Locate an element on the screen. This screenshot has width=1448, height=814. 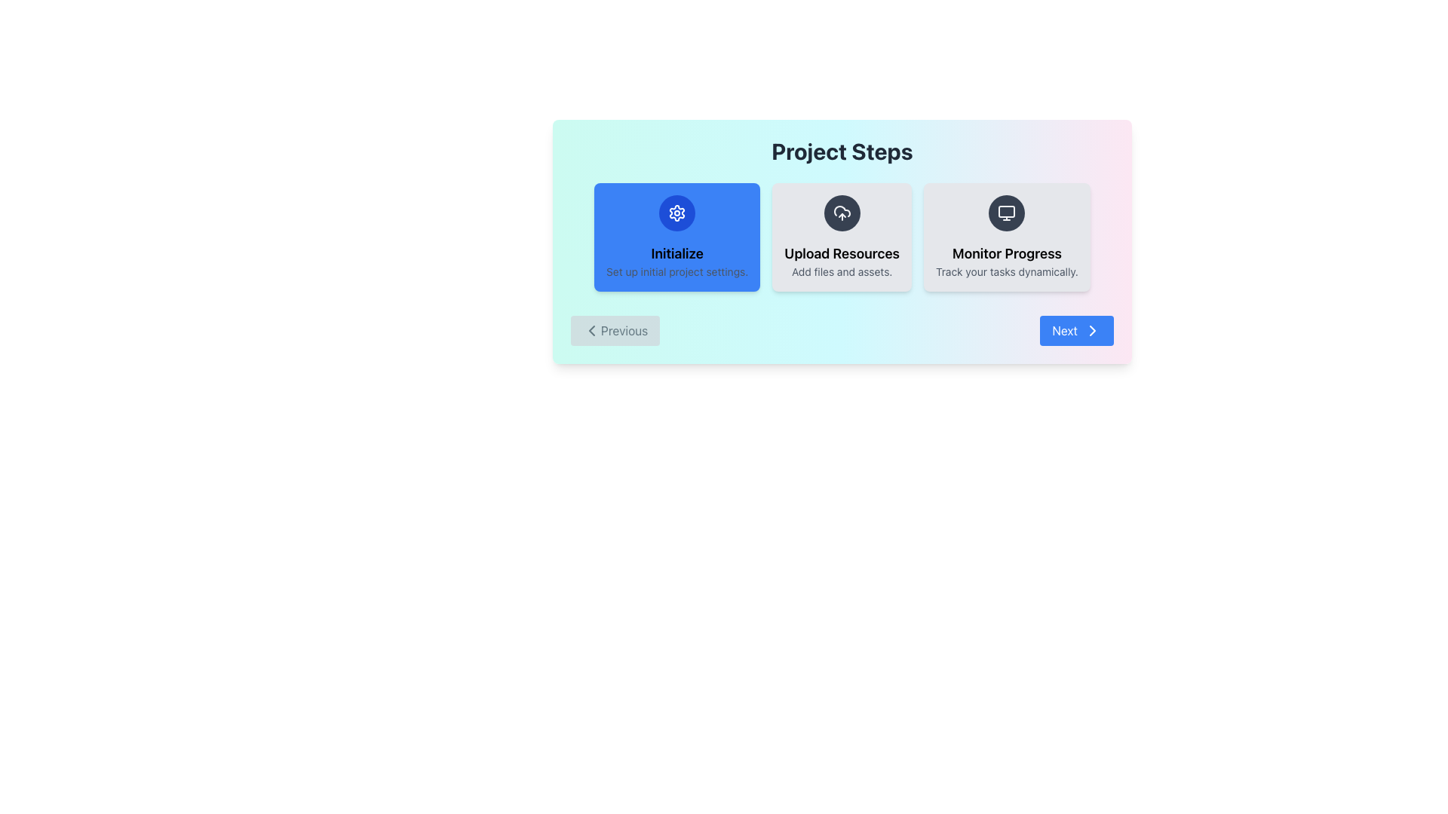
text label displaying the message 'Add files and assets.' located below 'Upload Resources' in the central panel is located at coordinates (841, 272).